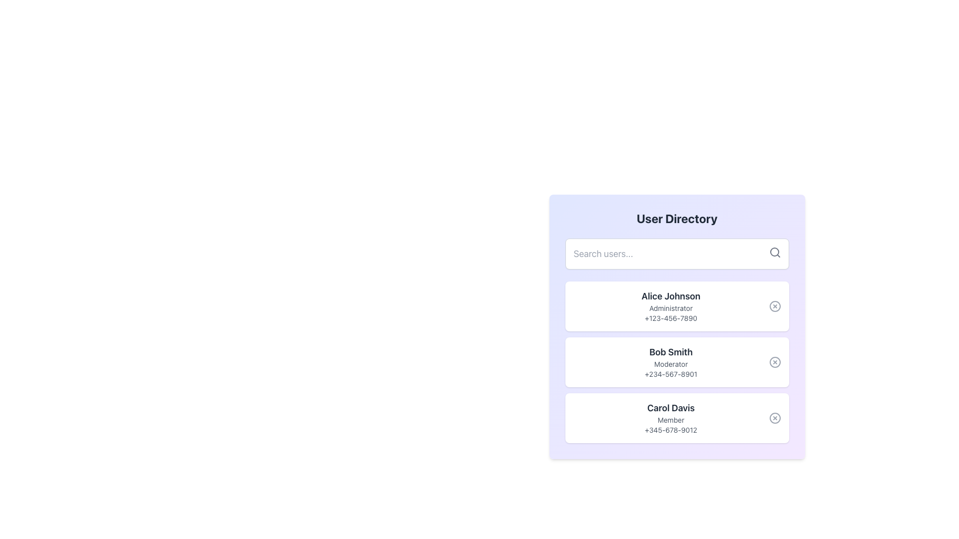  I want to click on the static text label indicating the user's status as 'Member', which is positioned below 'Carol Davis' and above '+345-678-9012' in the user informational card, so click(671, 420).